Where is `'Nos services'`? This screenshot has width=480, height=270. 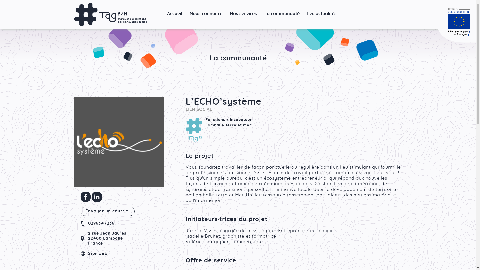
'Nos services' is located at coordinates (243, 15).